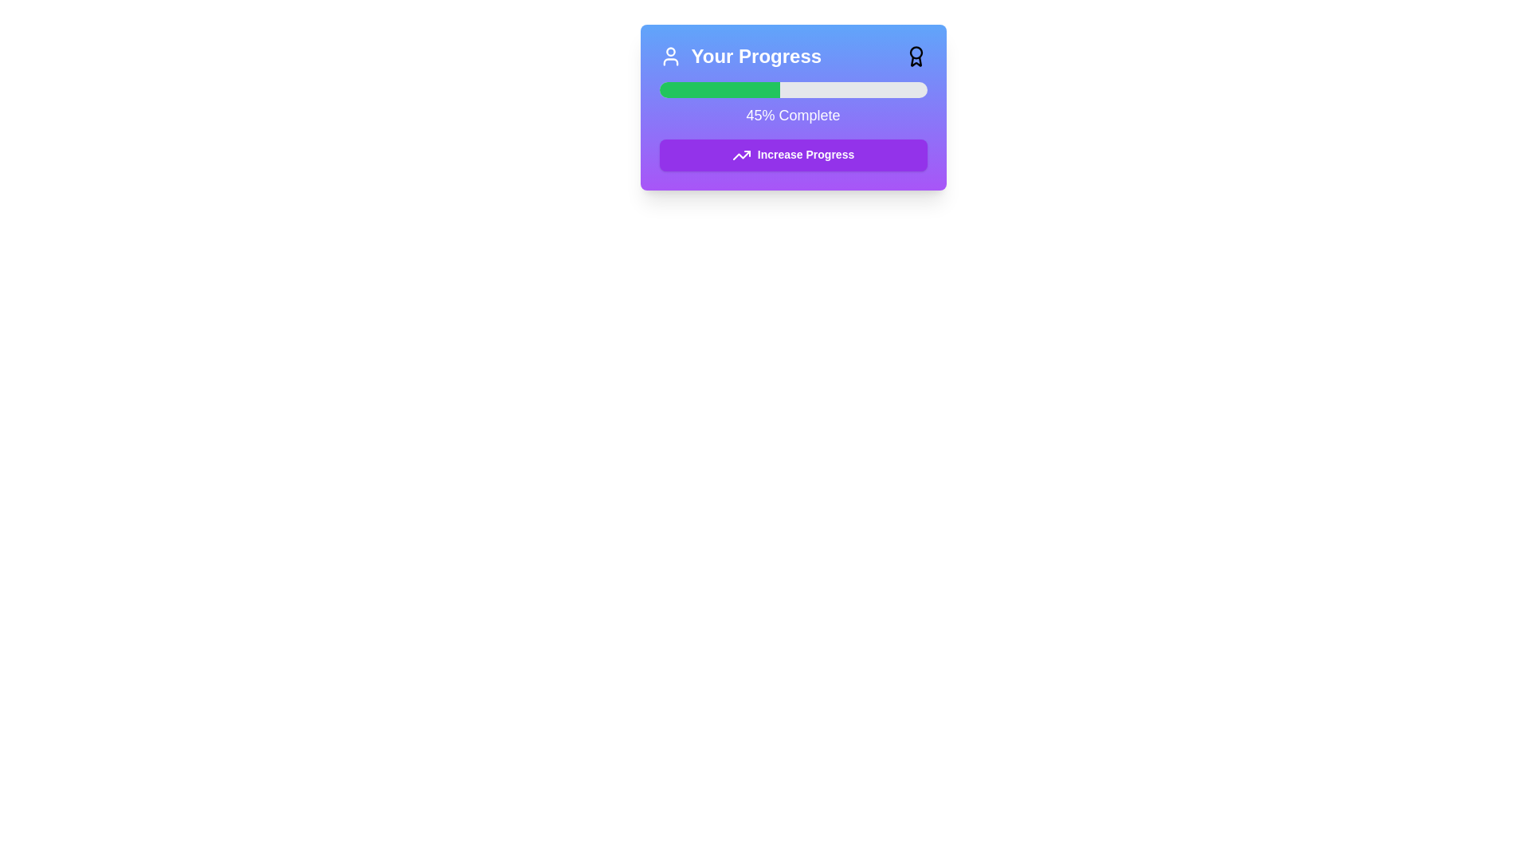  I want to click on the text display with icon that serves as a header for user progress tracking, located centrally within a blue gradient box at the top of the interface, so click(739, 55).